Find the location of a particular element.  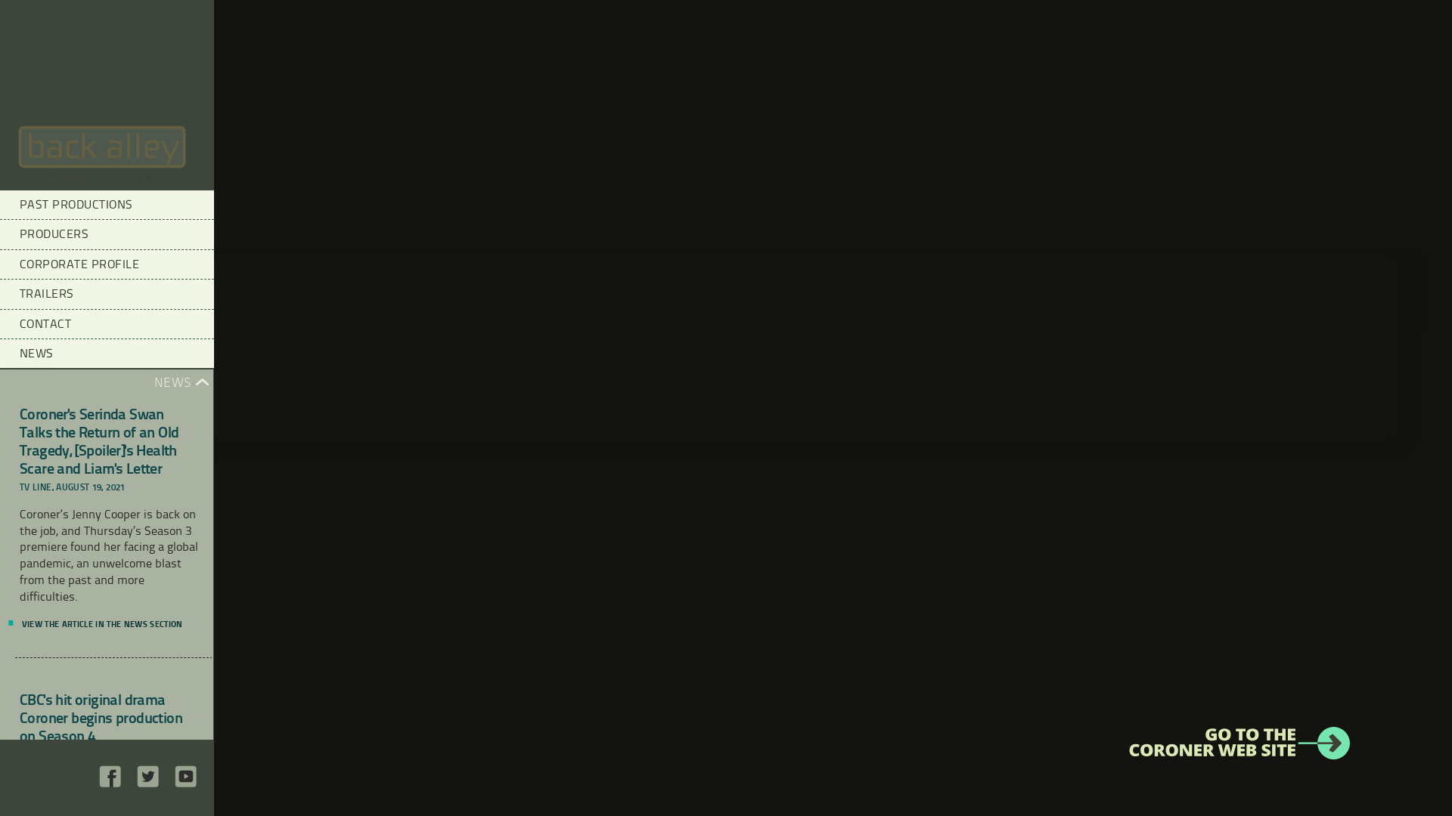

'PAST PRODUCTIONS' is located at coordinates (106, 204).